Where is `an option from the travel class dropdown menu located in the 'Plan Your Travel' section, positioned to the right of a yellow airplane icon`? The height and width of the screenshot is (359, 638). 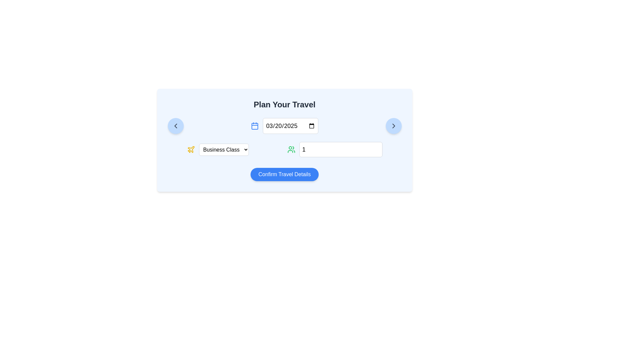 an option from the travel class dropdown menu located in the 'Plan Your Travel' section, positioned to the right of a yellow airplane icon is located at coordinates (224, 150).